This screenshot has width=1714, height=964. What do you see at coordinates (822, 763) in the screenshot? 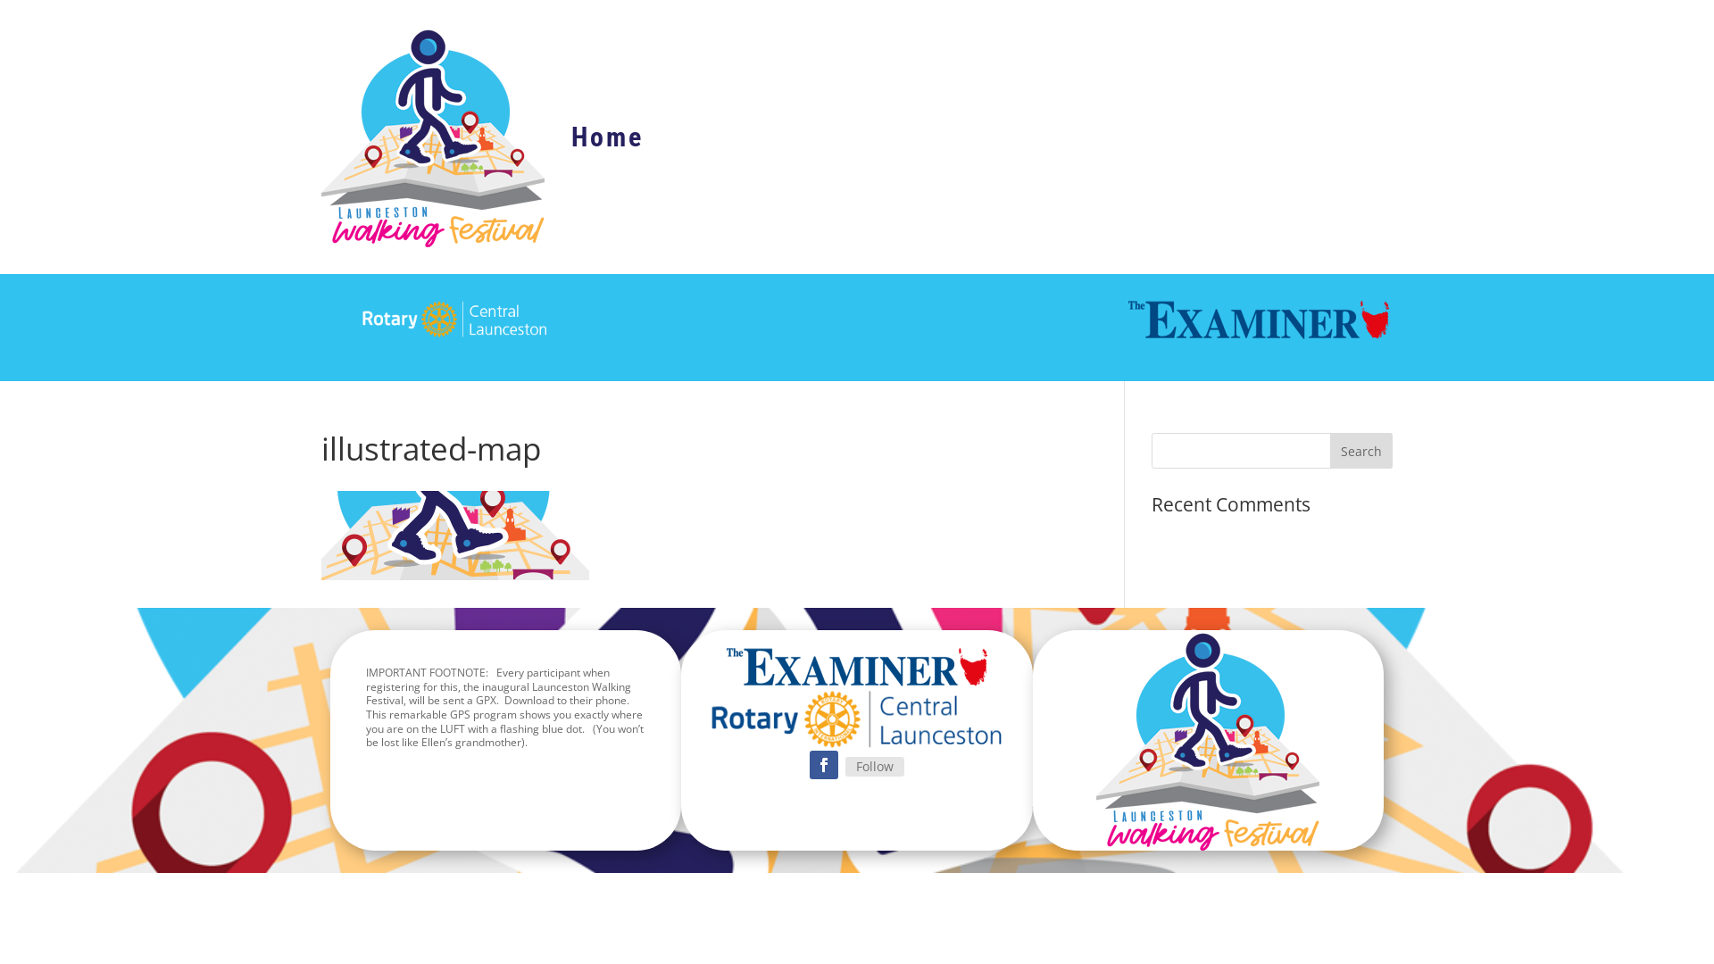
I see `'Follow on Facebook'` at bounding box center [822, 763].